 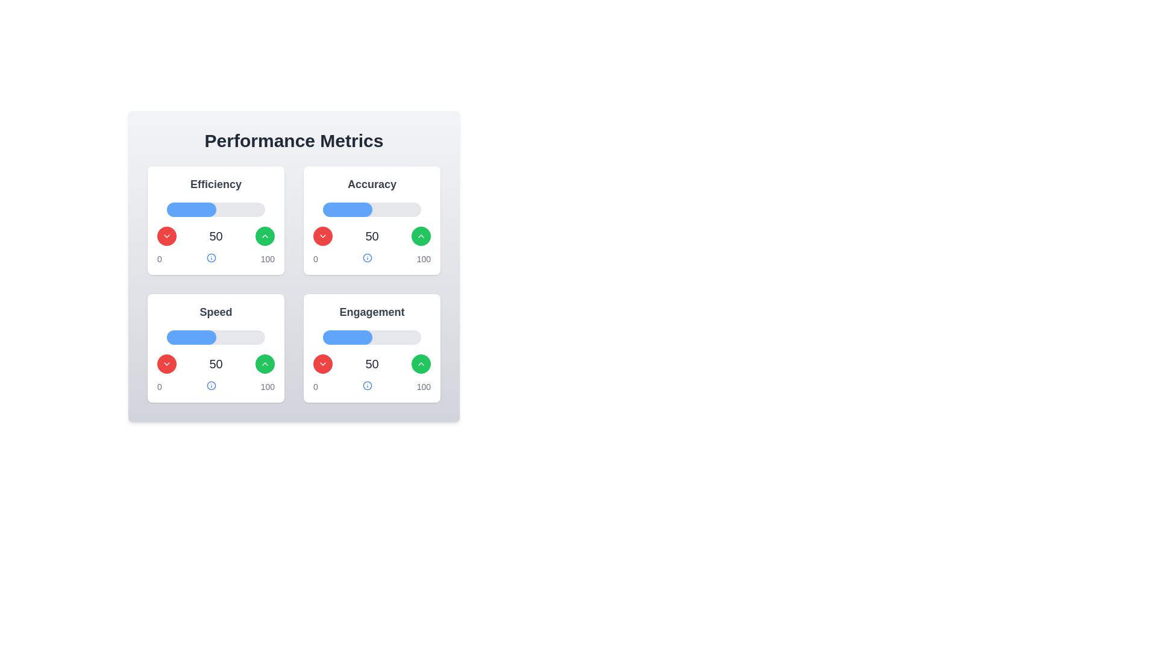 I want to click on the circular red button with white text and a downward-facing chevron icon located in the 'Engagement' card, below the blue progress bar and to the left of the numeric value '50', so click(x=323, y=363).